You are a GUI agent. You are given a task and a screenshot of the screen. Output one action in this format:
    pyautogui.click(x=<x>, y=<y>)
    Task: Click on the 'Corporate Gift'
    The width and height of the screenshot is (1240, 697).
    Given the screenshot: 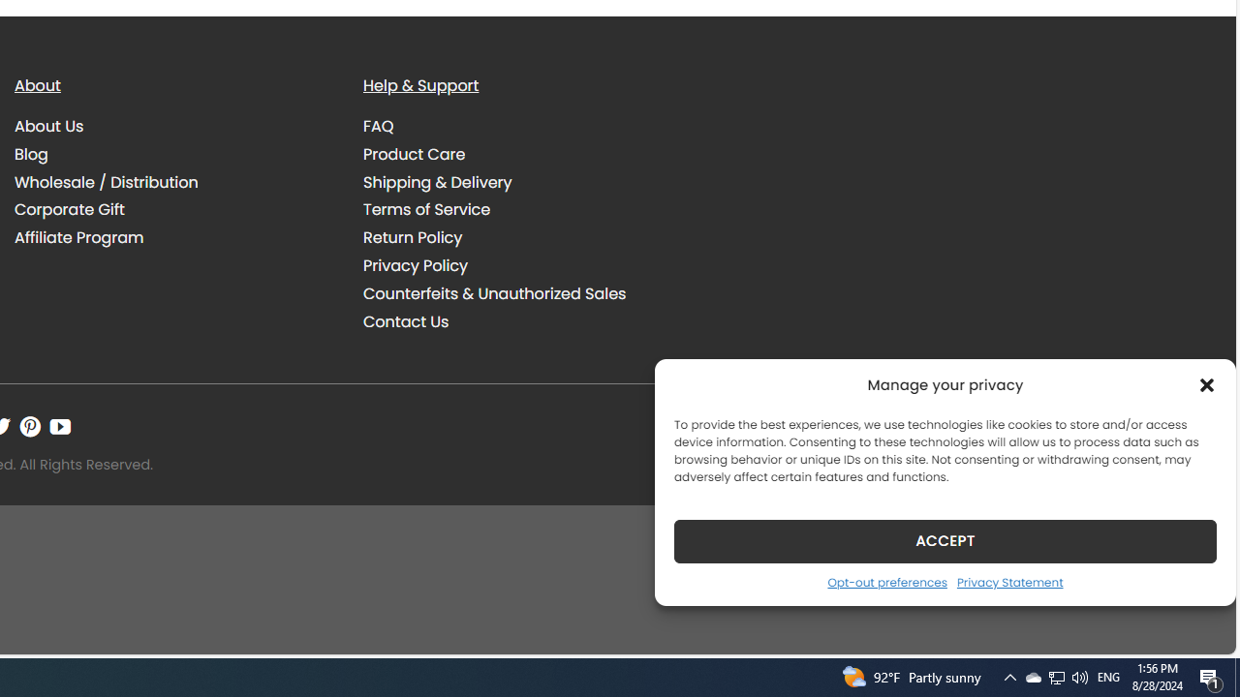 What is the action you would take?
    pyautogui.click(x=174, y=209)
    